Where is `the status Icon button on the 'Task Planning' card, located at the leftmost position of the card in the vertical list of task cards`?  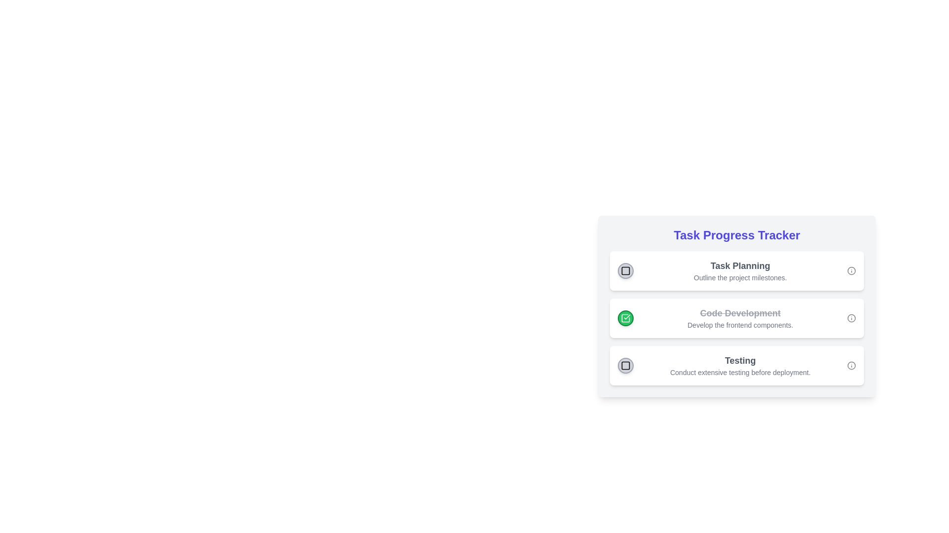 the status Icon button on the 'Task Planning' card, located at the leftmost position of the card in the vertical list of task cards is located at coordinates (625, 270).